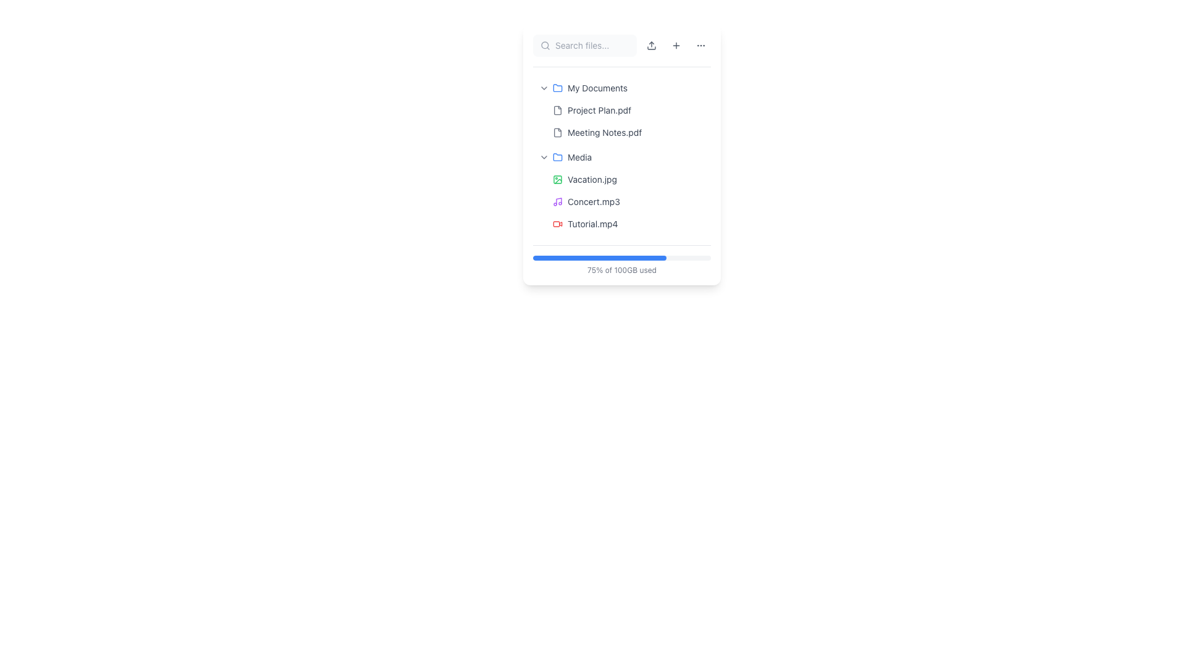 Image resolution: width=1186 pixels, height=667 pixels. What do you see at coordinates (629, 133) in the screenshot?
I see `the 'Meeting Notes.pdf' file list item` at bounding box center [629, 133].